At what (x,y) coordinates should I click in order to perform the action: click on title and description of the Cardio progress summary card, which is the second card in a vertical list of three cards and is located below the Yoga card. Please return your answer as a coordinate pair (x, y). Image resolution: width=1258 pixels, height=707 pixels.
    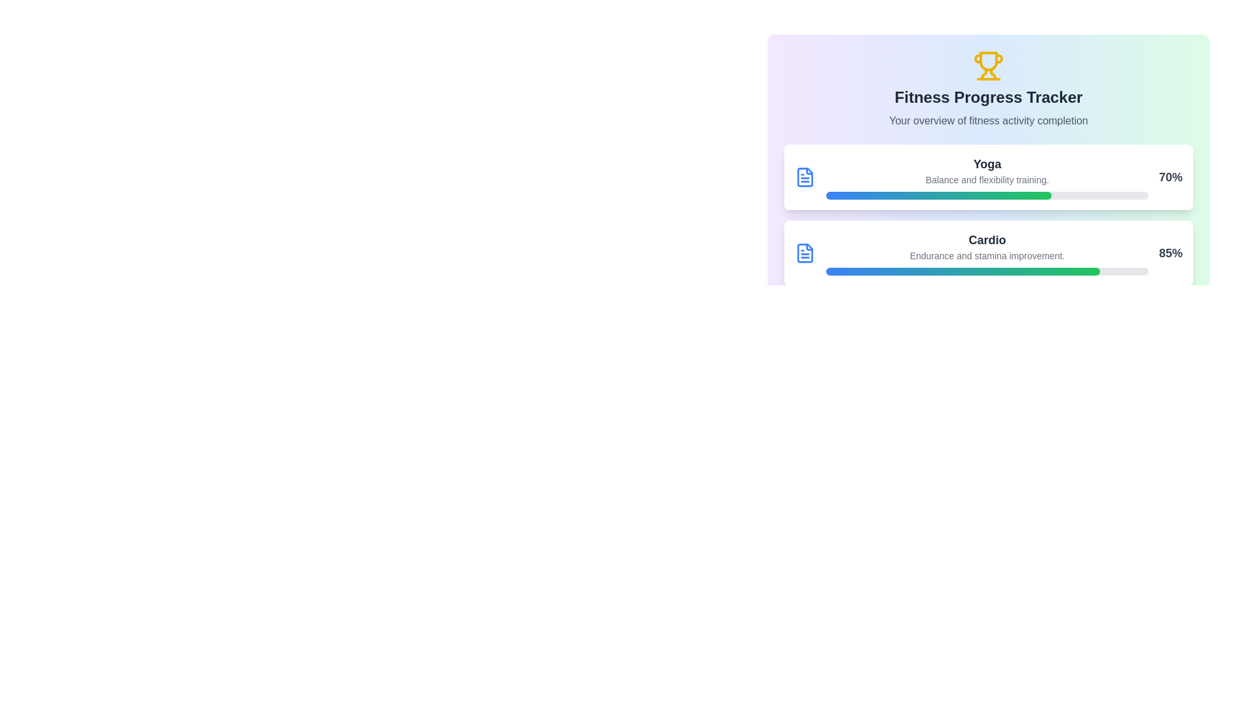
    Looking at the image, I should click on (988, 253).